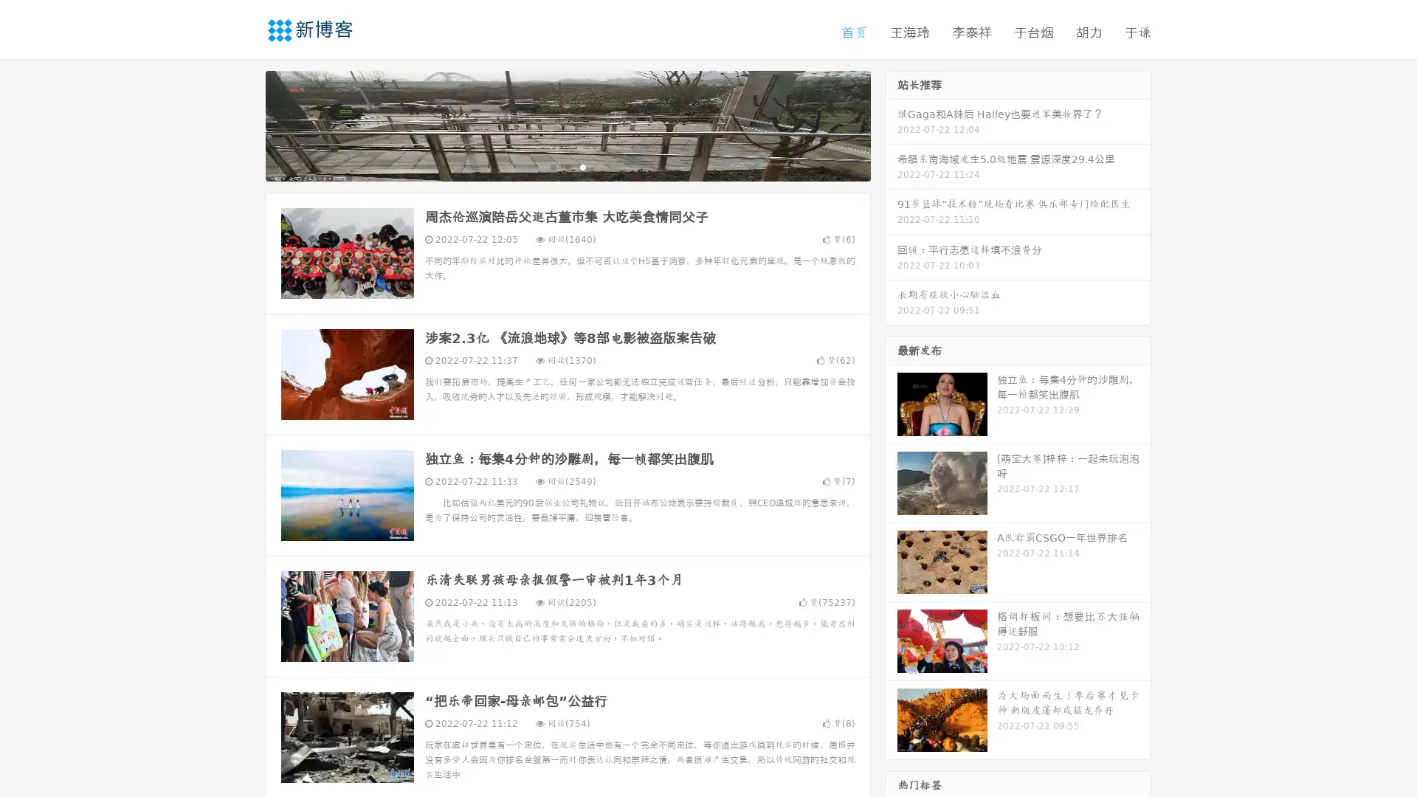 The width and height of the screenshot is (1417, 797). What do you see at coordinates (552, 166) in the screenshot?
I see `Go to slide 1` at bounding box center [552, 166].